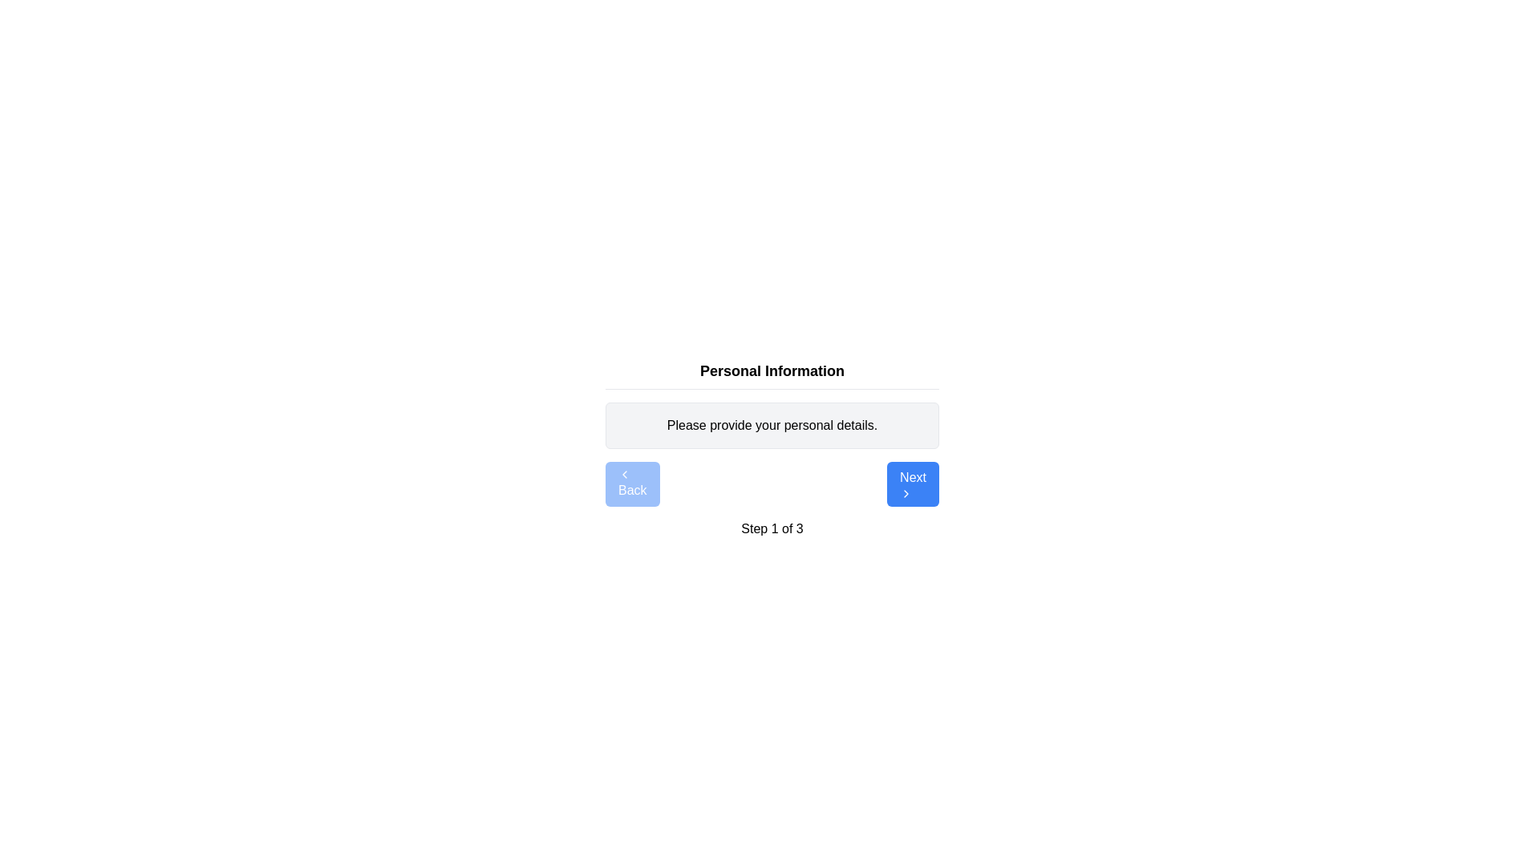  I want to click on the chevron arrow icon located on the right side of the 'Next' button, which indicates the forward action, so click(906, 493).